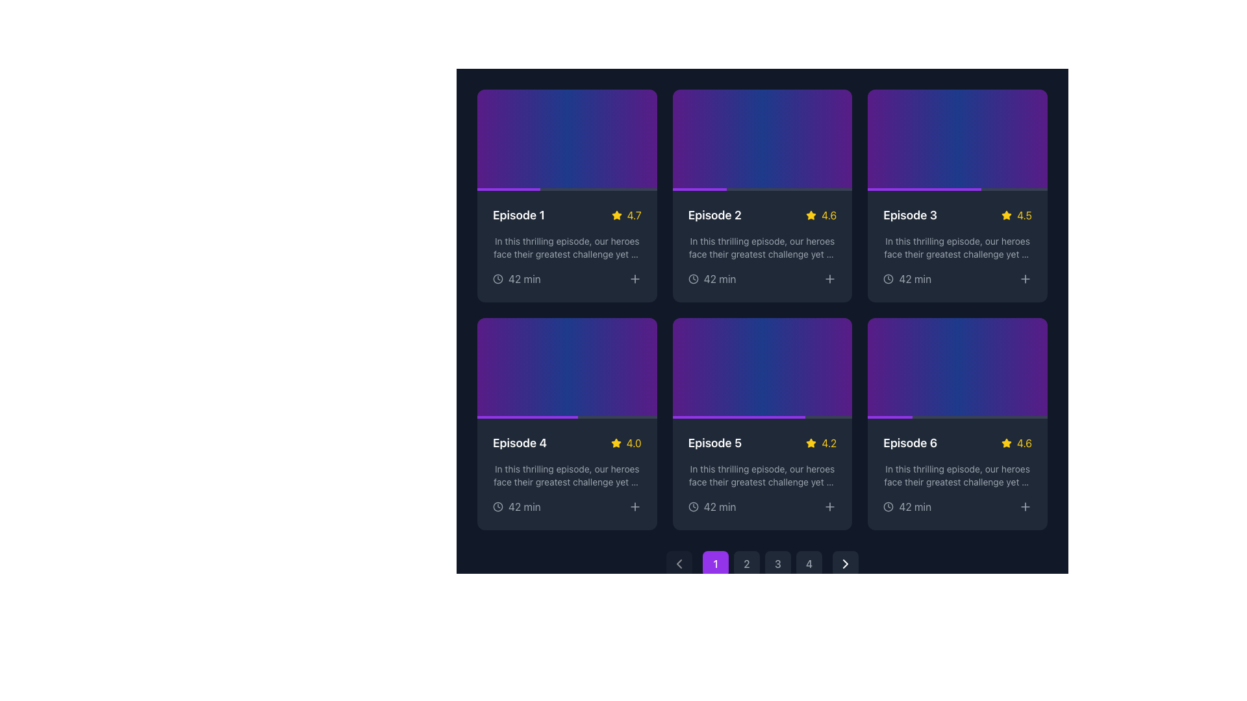  I want to click on rating value displayed on the text label located on the third card in the top row of the grid layout, specifically to the right of the star icon in the rating section of the card labeled 'Episode 3', so click(1024, 214).